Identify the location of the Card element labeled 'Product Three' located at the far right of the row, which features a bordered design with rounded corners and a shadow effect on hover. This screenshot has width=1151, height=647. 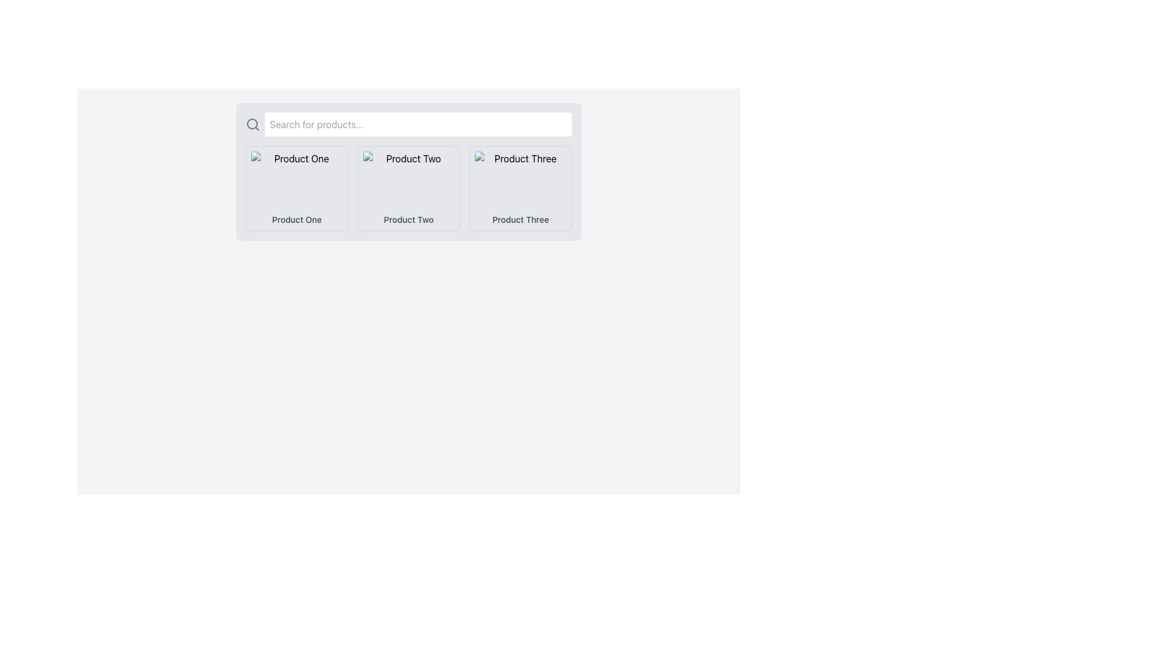
(520, 189).